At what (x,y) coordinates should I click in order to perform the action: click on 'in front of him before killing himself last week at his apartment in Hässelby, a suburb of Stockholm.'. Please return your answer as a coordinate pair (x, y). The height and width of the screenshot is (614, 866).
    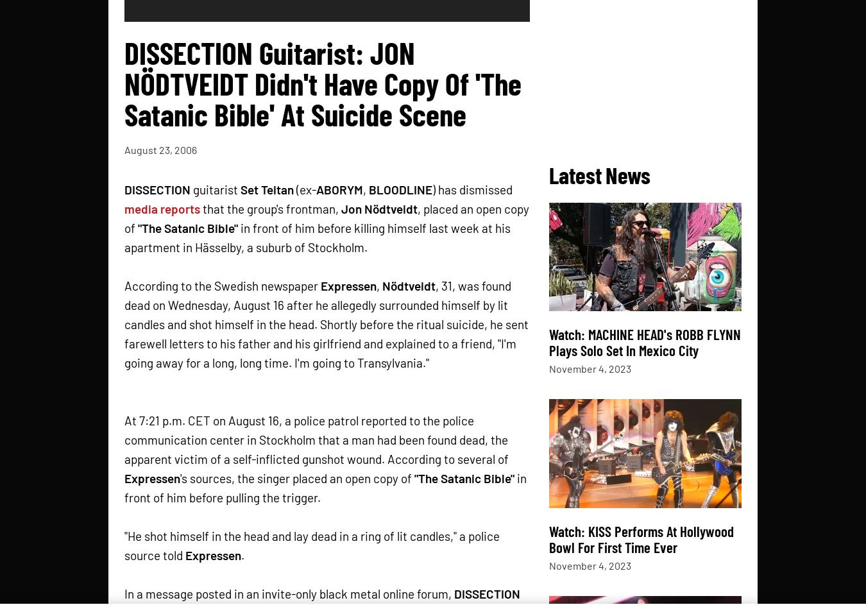
    Looking at the image, I should click on (317, 237).